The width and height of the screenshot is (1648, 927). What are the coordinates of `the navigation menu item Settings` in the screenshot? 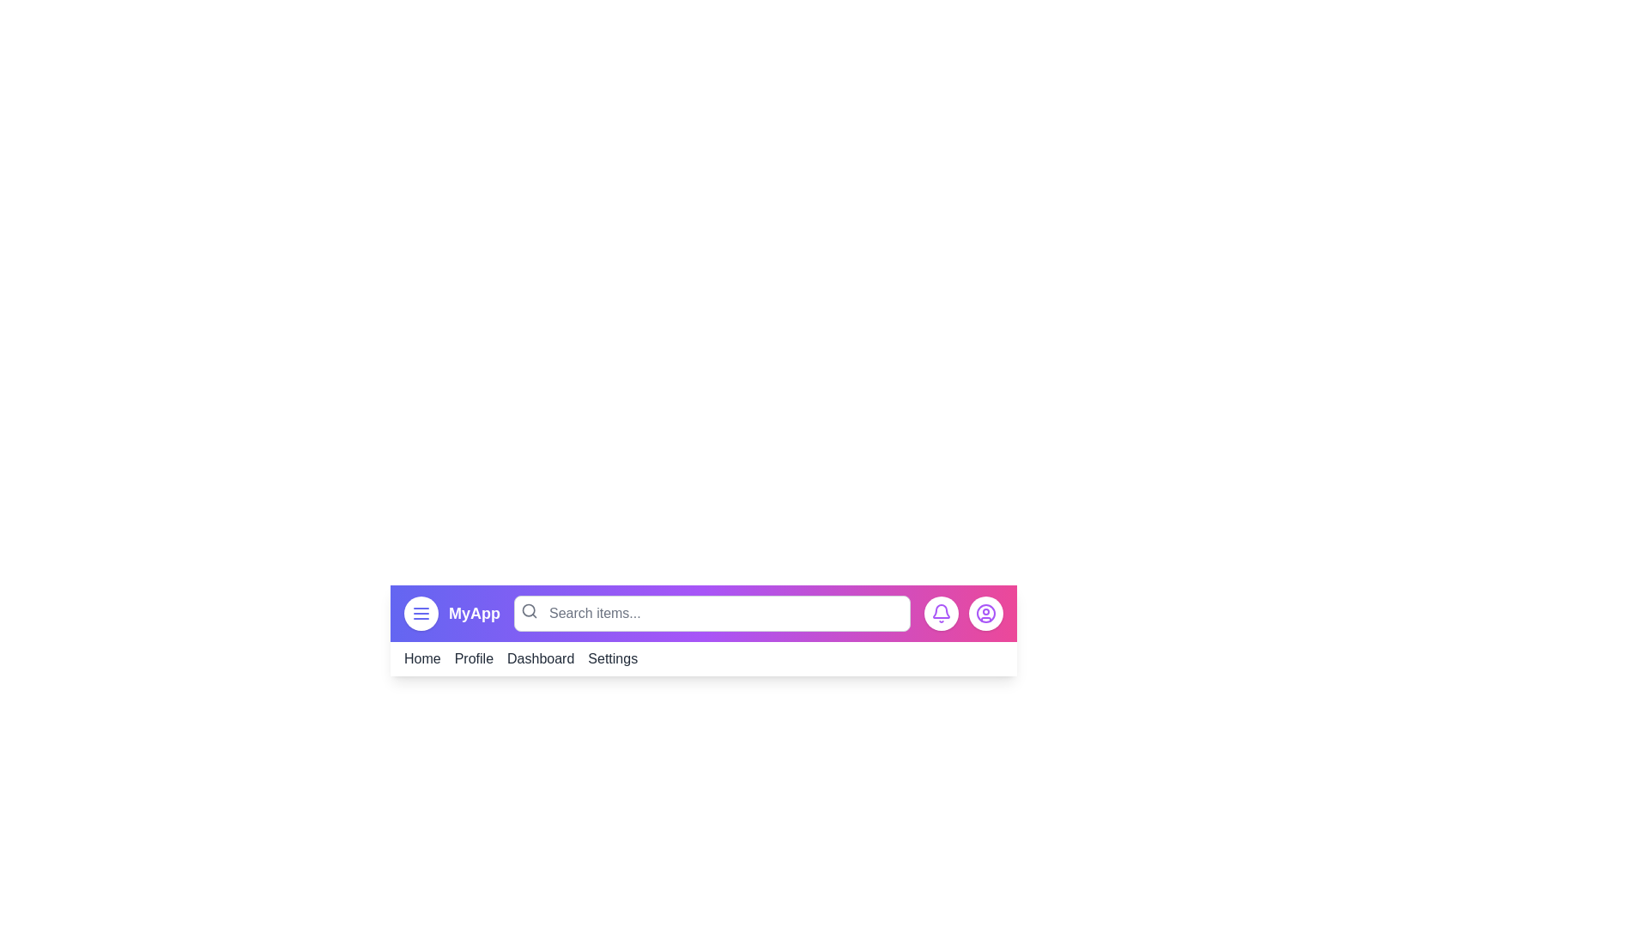 It's located at (613, 657).